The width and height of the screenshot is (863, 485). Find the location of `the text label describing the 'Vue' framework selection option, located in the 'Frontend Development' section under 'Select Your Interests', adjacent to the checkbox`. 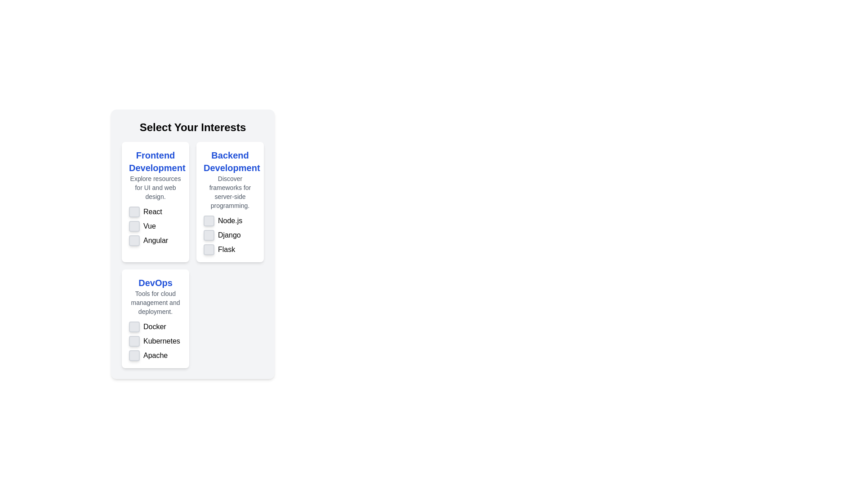

the text label describing the 'Vue' framework selection option, located in the 'Frontend Development' section under 'Select Your Interests', adjacent to the checkbox is located at coordinates (149, 226).